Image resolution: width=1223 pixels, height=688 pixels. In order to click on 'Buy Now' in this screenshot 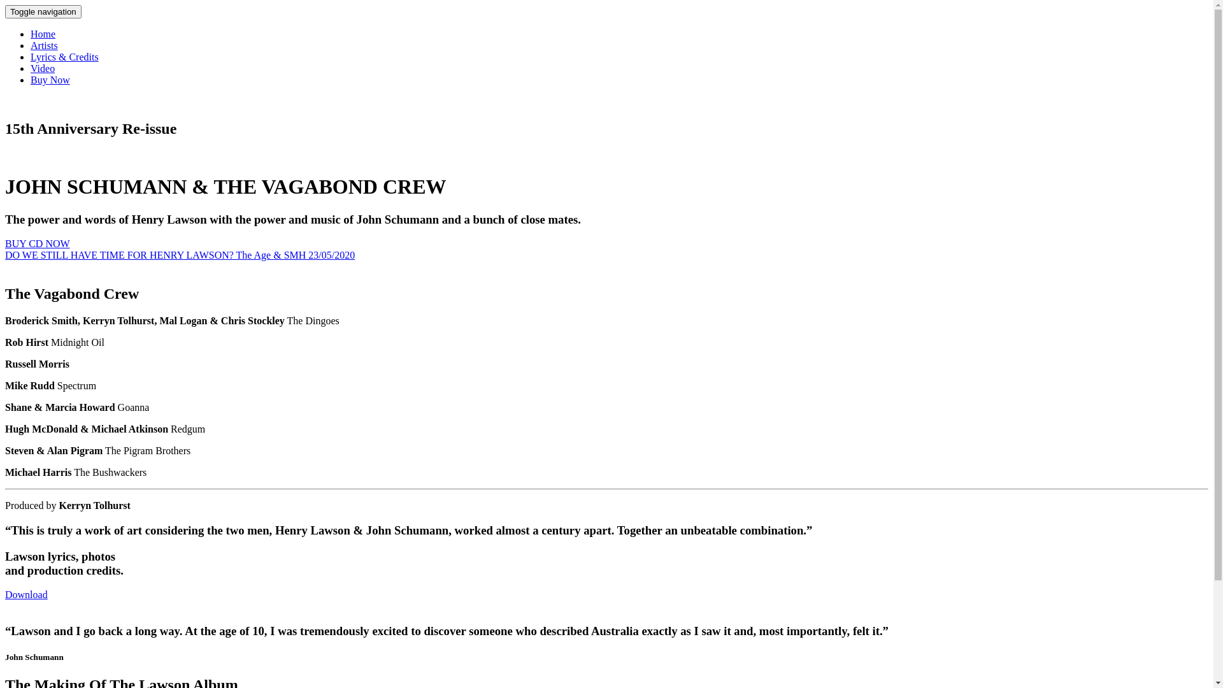, I will do `click(50, 80)`.